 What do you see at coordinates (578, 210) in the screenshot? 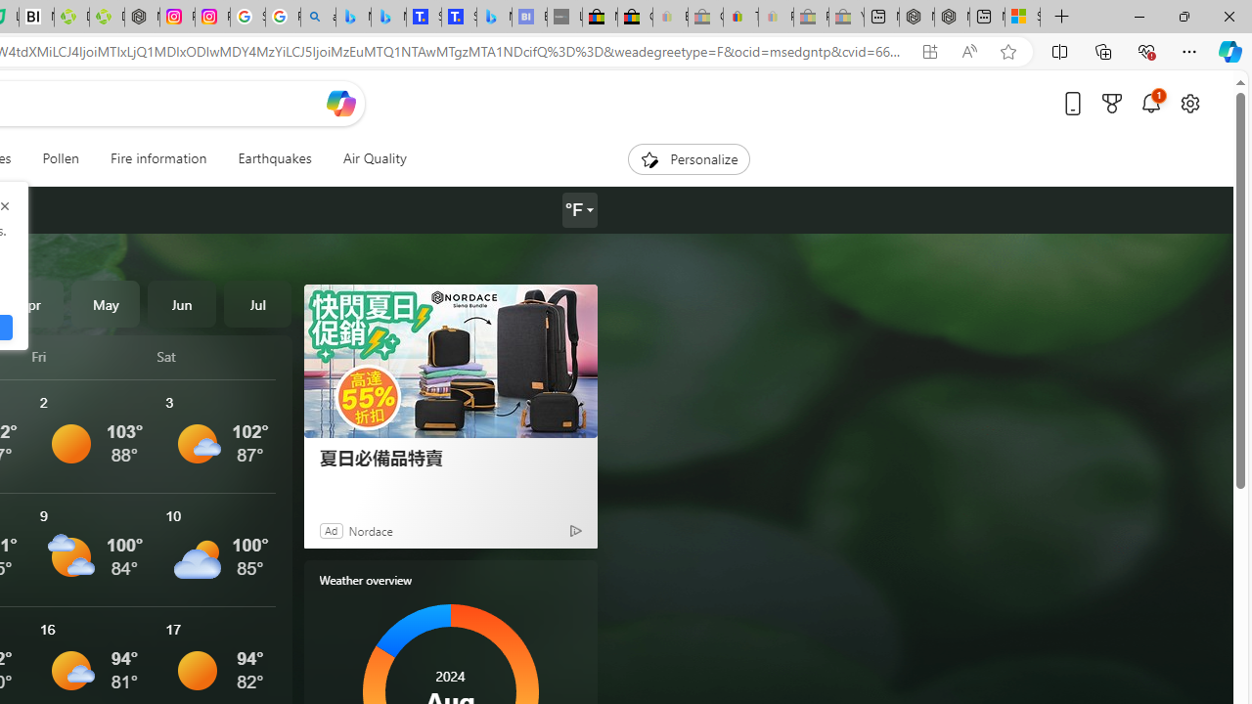
I see `'Weather settings'` at bounding box center [578, 210].